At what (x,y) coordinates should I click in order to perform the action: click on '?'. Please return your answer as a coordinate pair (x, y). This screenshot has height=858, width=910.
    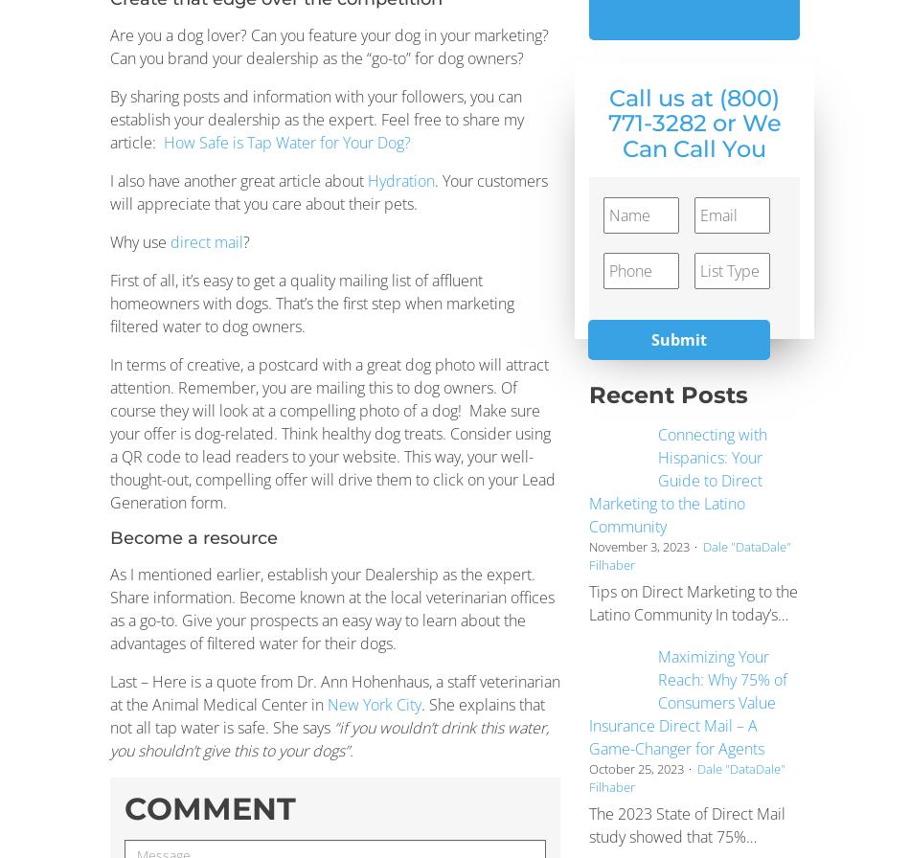
    Looking at the image, I should click on (245, 239).